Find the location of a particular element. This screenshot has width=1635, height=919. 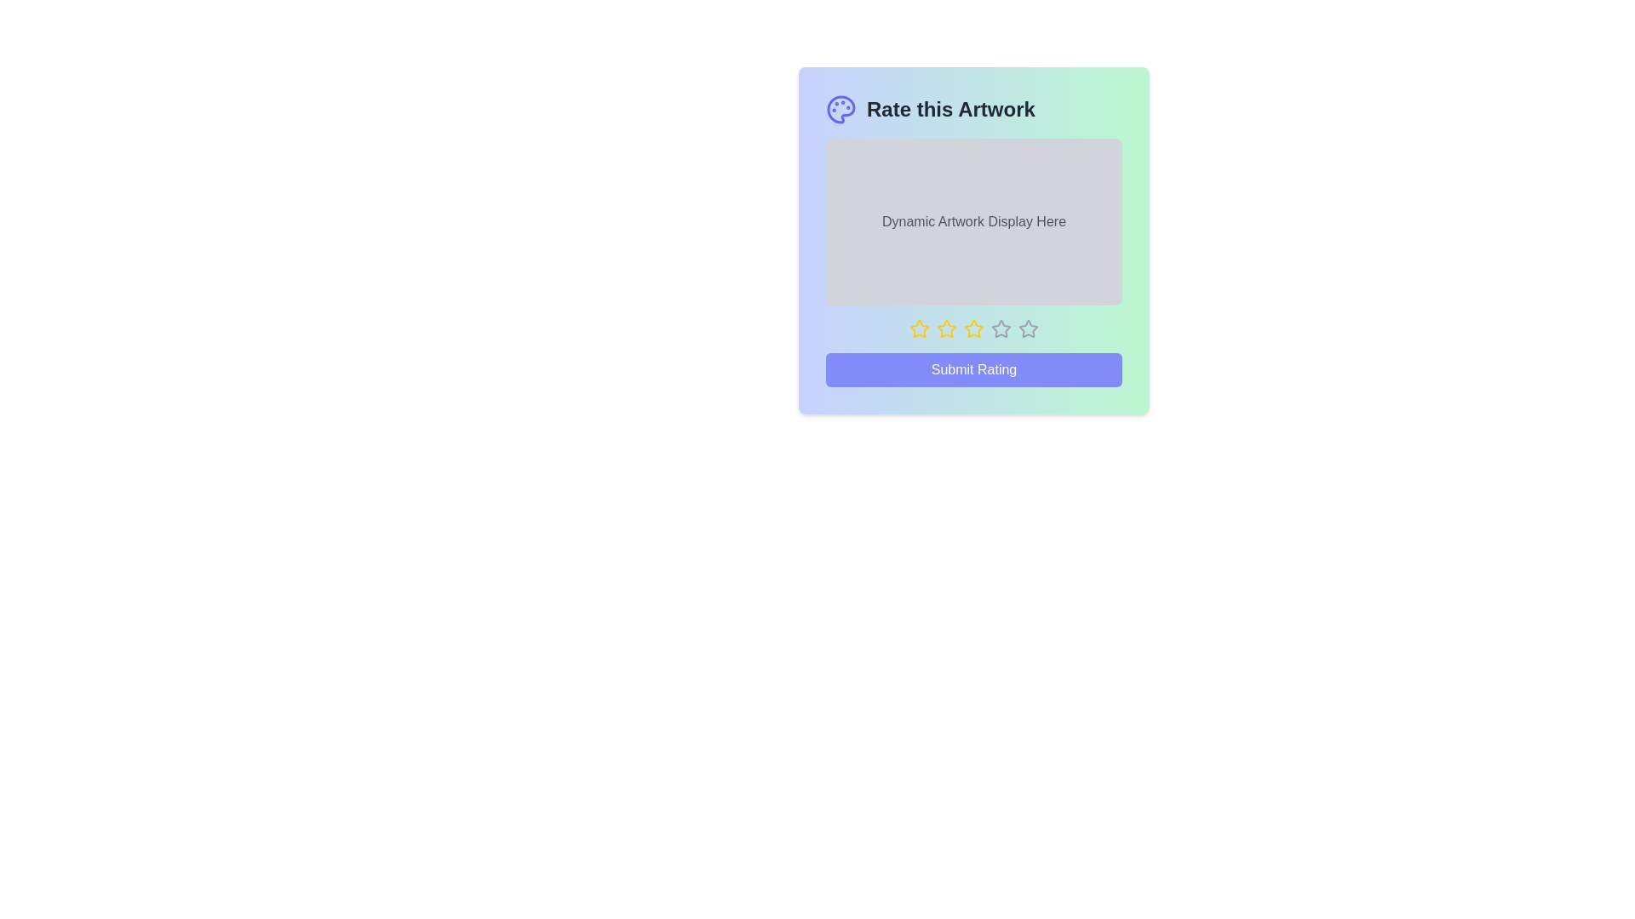

the star corresponding to the desired rating 1 is located at coordinates (919, 328).